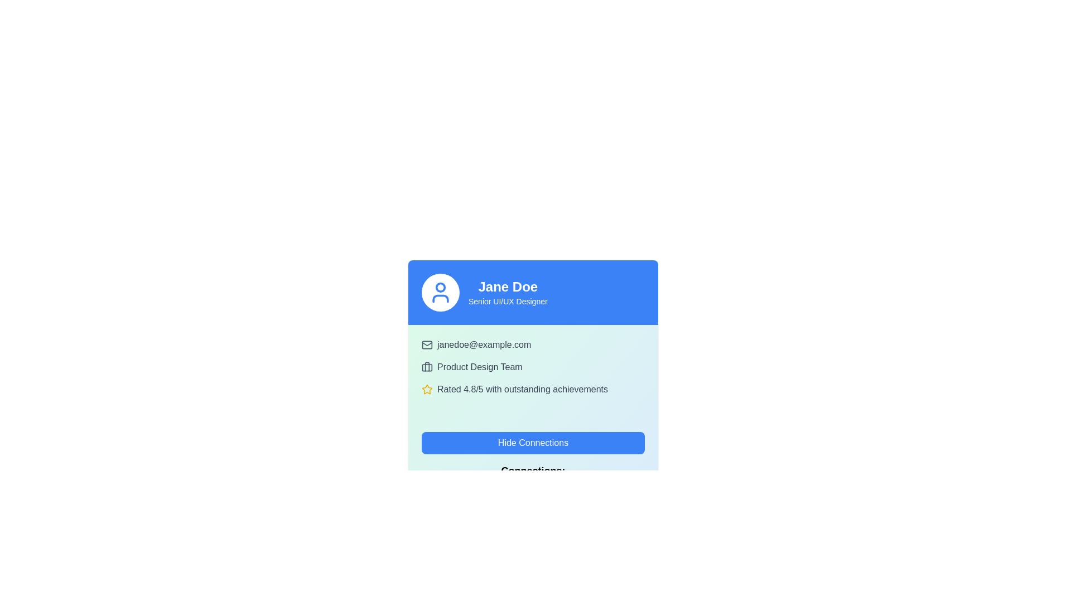  What do you see at coordinates (507, 292) in the screenshot?
I see `the text component displaying 'Jane Doe' and 'Senior UI/UX Designer'` at bounding box center [507, 292].